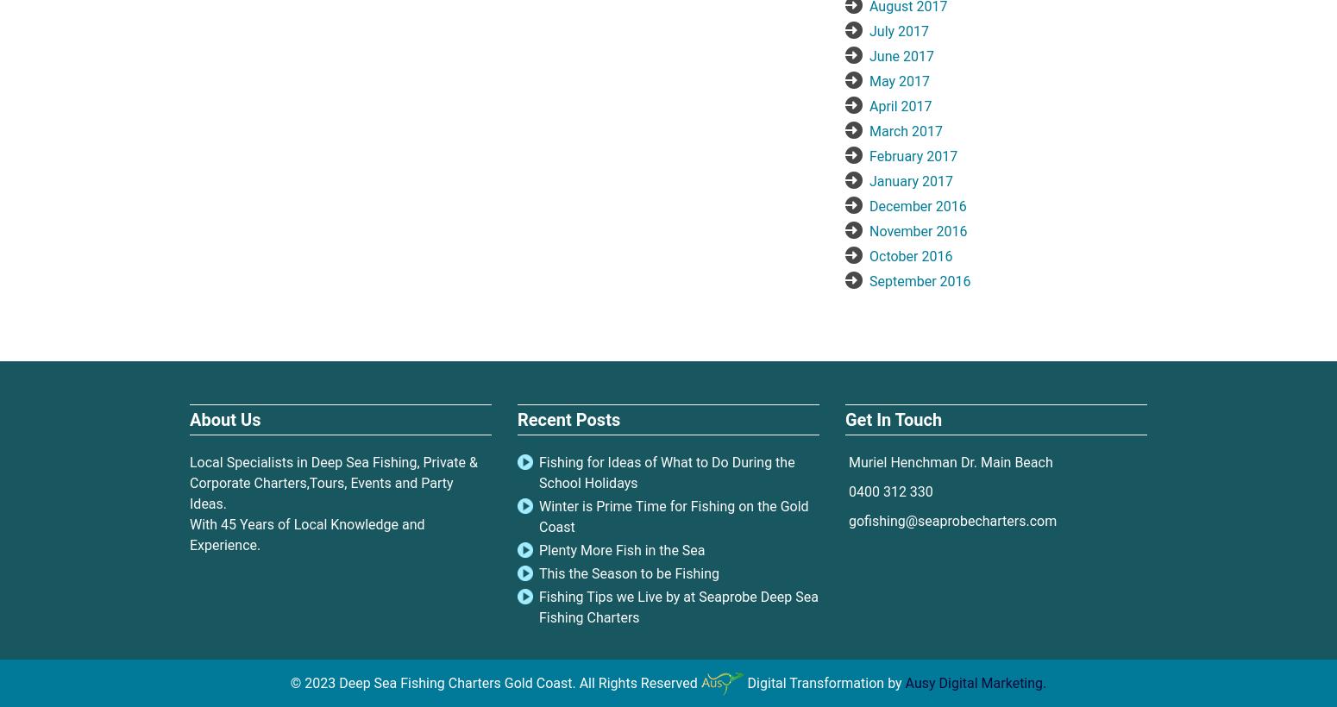 The height and width of the screenshot is (707, 1337). What do you see at coordinates (948, 460) in the screenshot?
I see `'Muriel Henchman Dr. Main Beach'` at bounding box center [948, 460].